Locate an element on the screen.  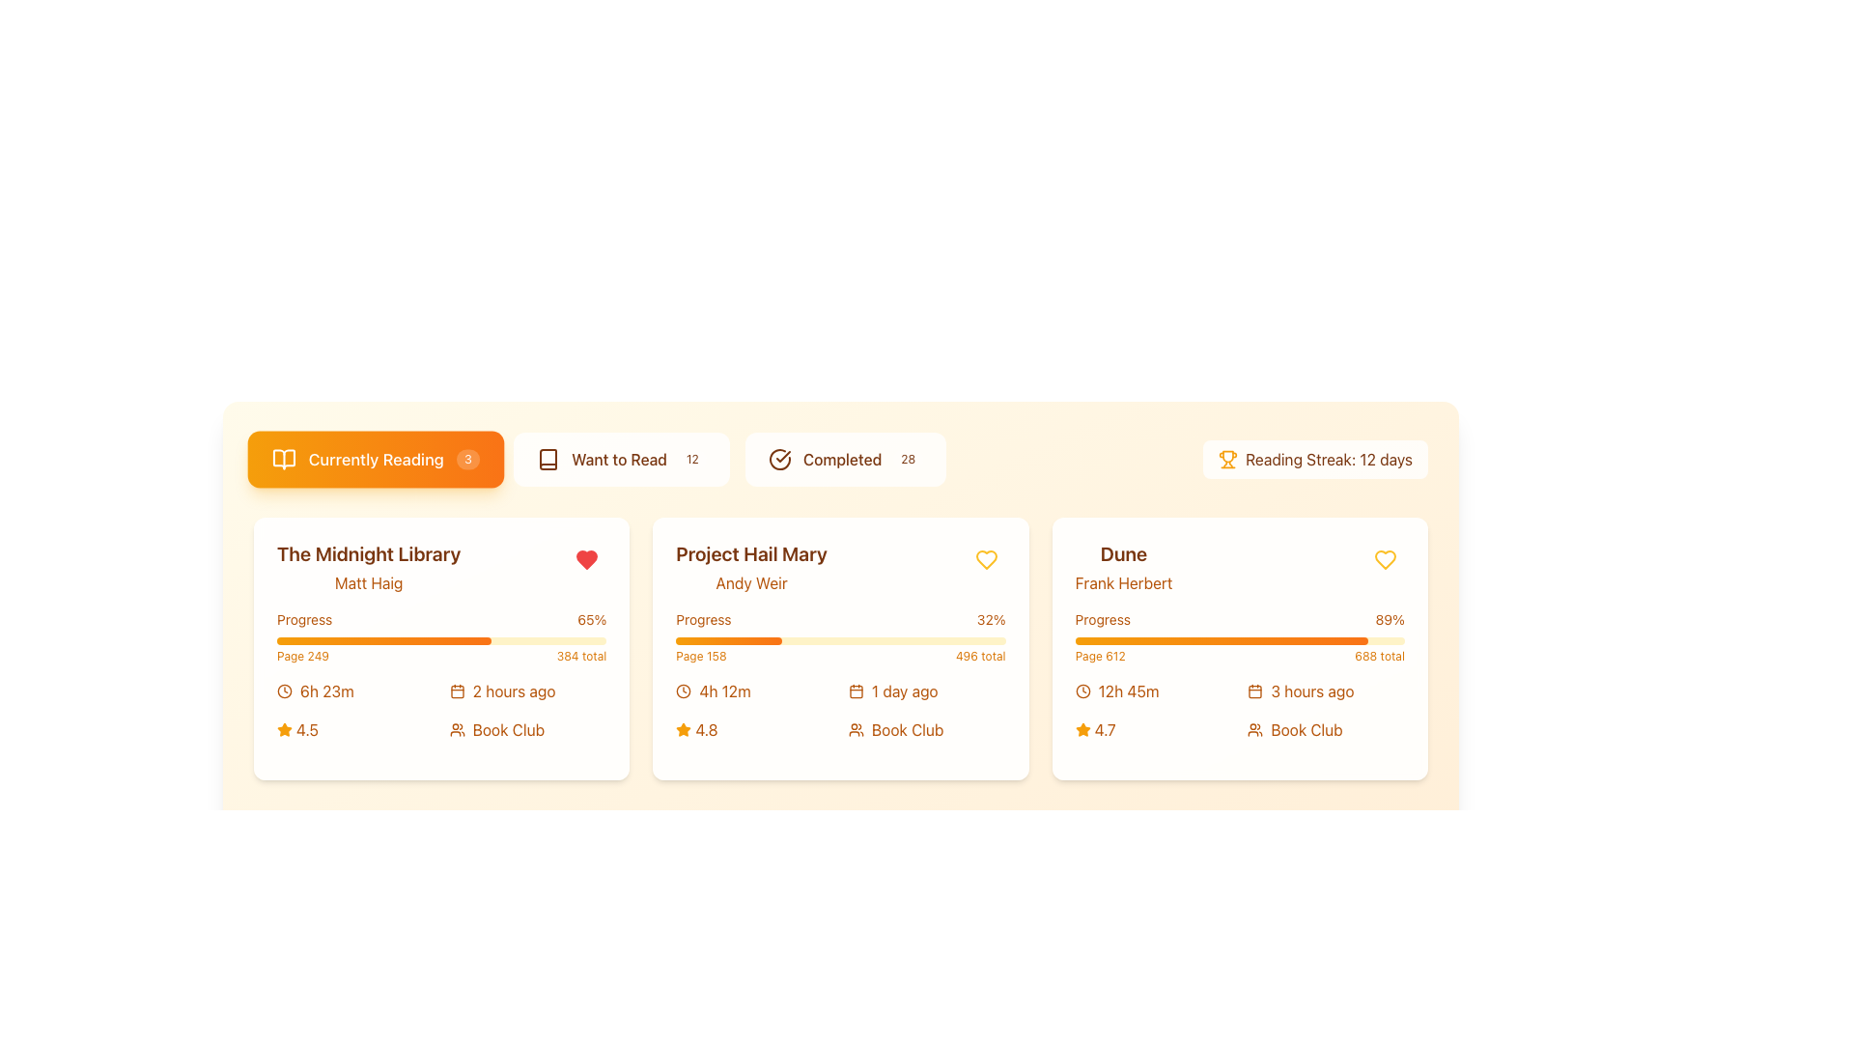
progress bar indicating 65% completion for 'The Midnight Library' within the 'Currently Reading' section is located at coordinates (384, 640).